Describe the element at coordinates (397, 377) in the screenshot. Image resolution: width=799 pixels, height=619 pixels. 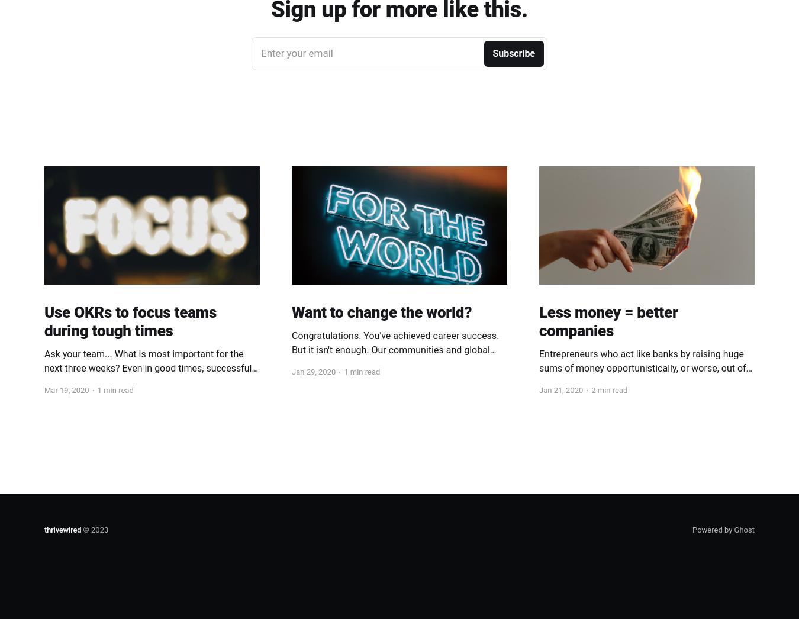
I see `'Congratulations. You've achieved career success. But it isn't enough. Our
communities and global causes need your talent to make positive changes in our
world by tackling big societal problems.

If, increasingly, community or global causes should appeal to your sense of
purpose, and should you want to use your talent'` at that location.